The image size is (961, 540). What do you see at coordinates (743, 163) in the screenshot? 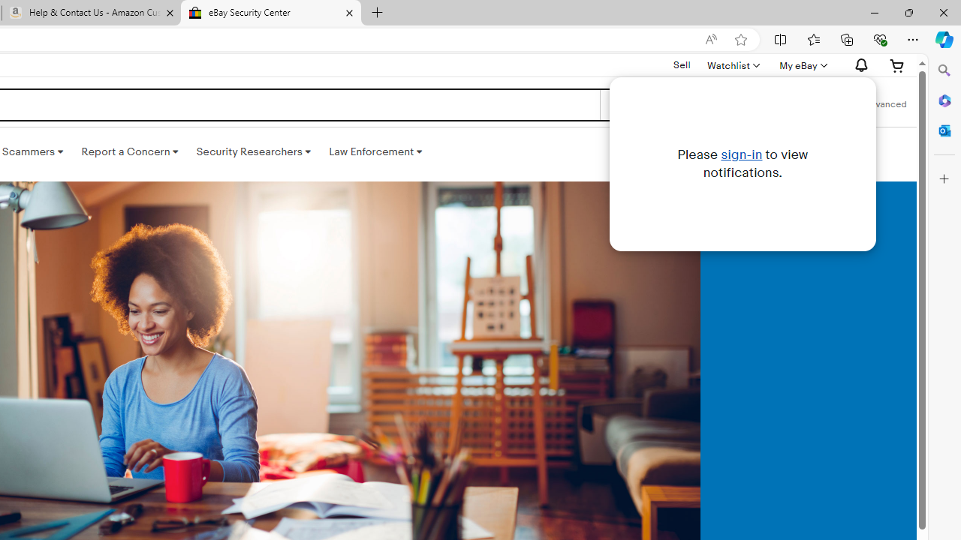
I see `'Please sign-in to view notifications.'` at bounding box center [743, 163].